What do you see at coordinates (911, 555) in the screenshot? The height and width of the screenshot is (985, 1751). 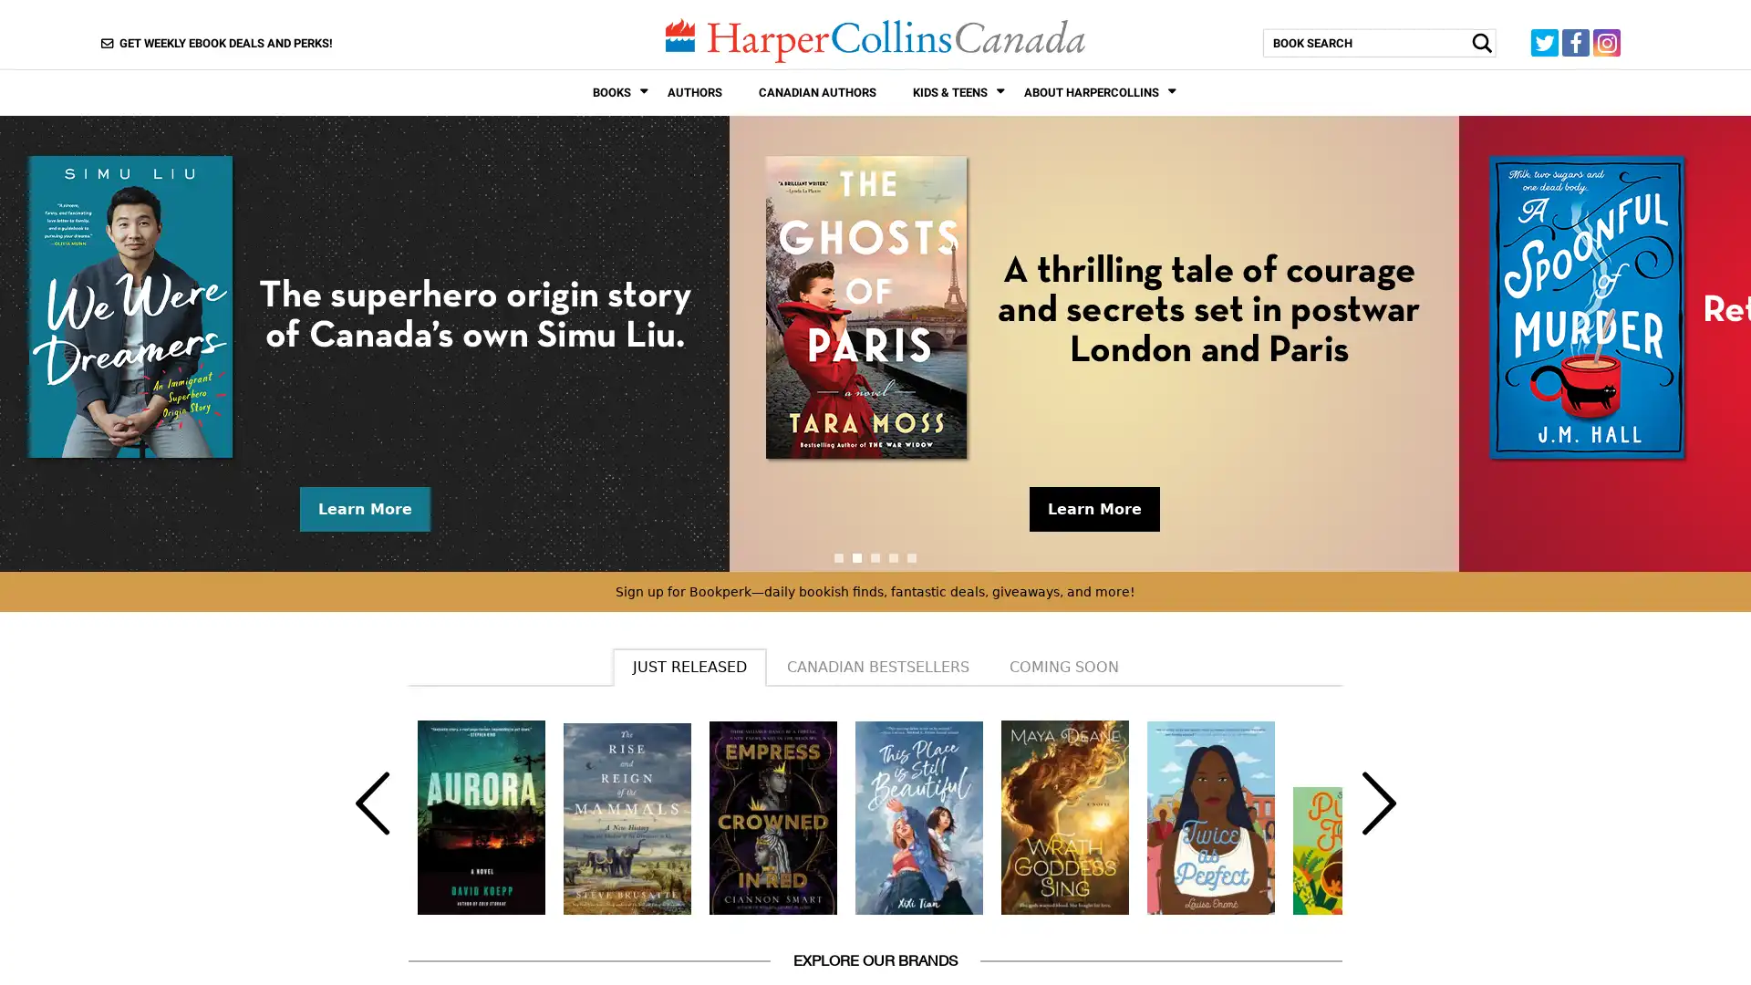 I see `5` at bounding box center [911, 555].